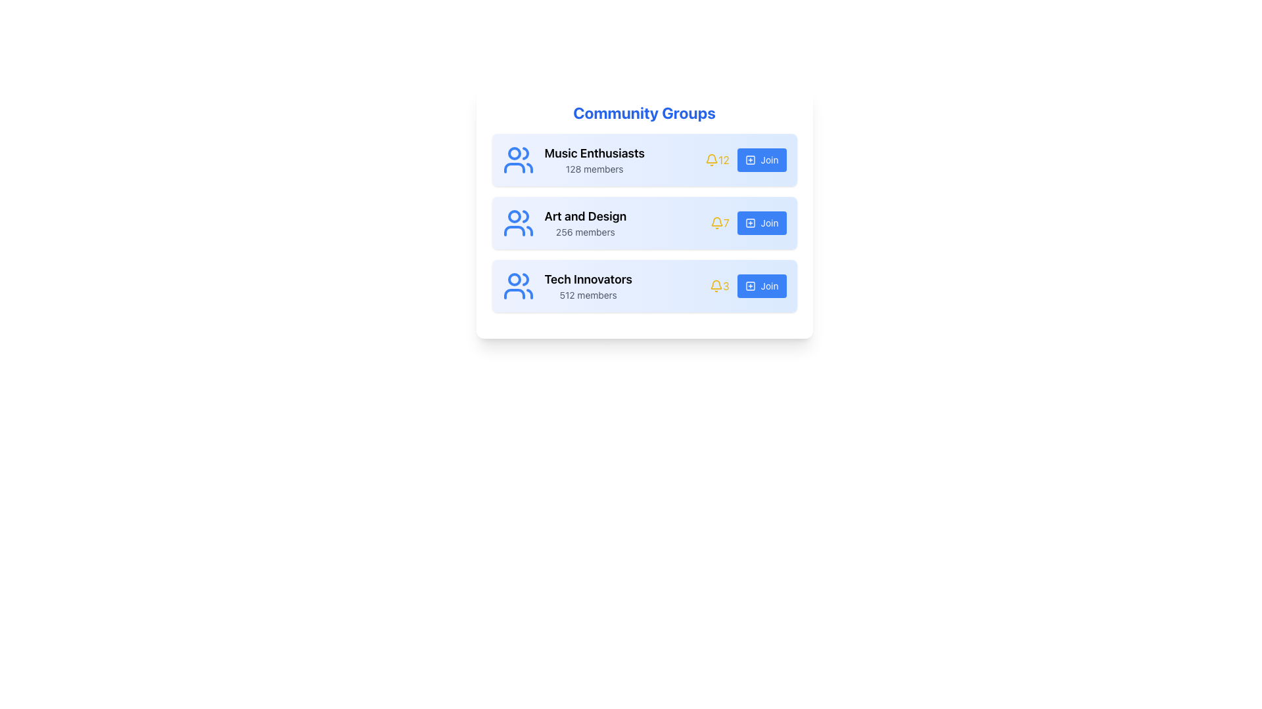  Describe the element at coordinates (750, 222) in the screenshot. I see `the SVG graphical element styled as a button component, which serves as a visual icon for the 'Join' action in the community groups list, located adjacent to the 'Join' button` at that location.